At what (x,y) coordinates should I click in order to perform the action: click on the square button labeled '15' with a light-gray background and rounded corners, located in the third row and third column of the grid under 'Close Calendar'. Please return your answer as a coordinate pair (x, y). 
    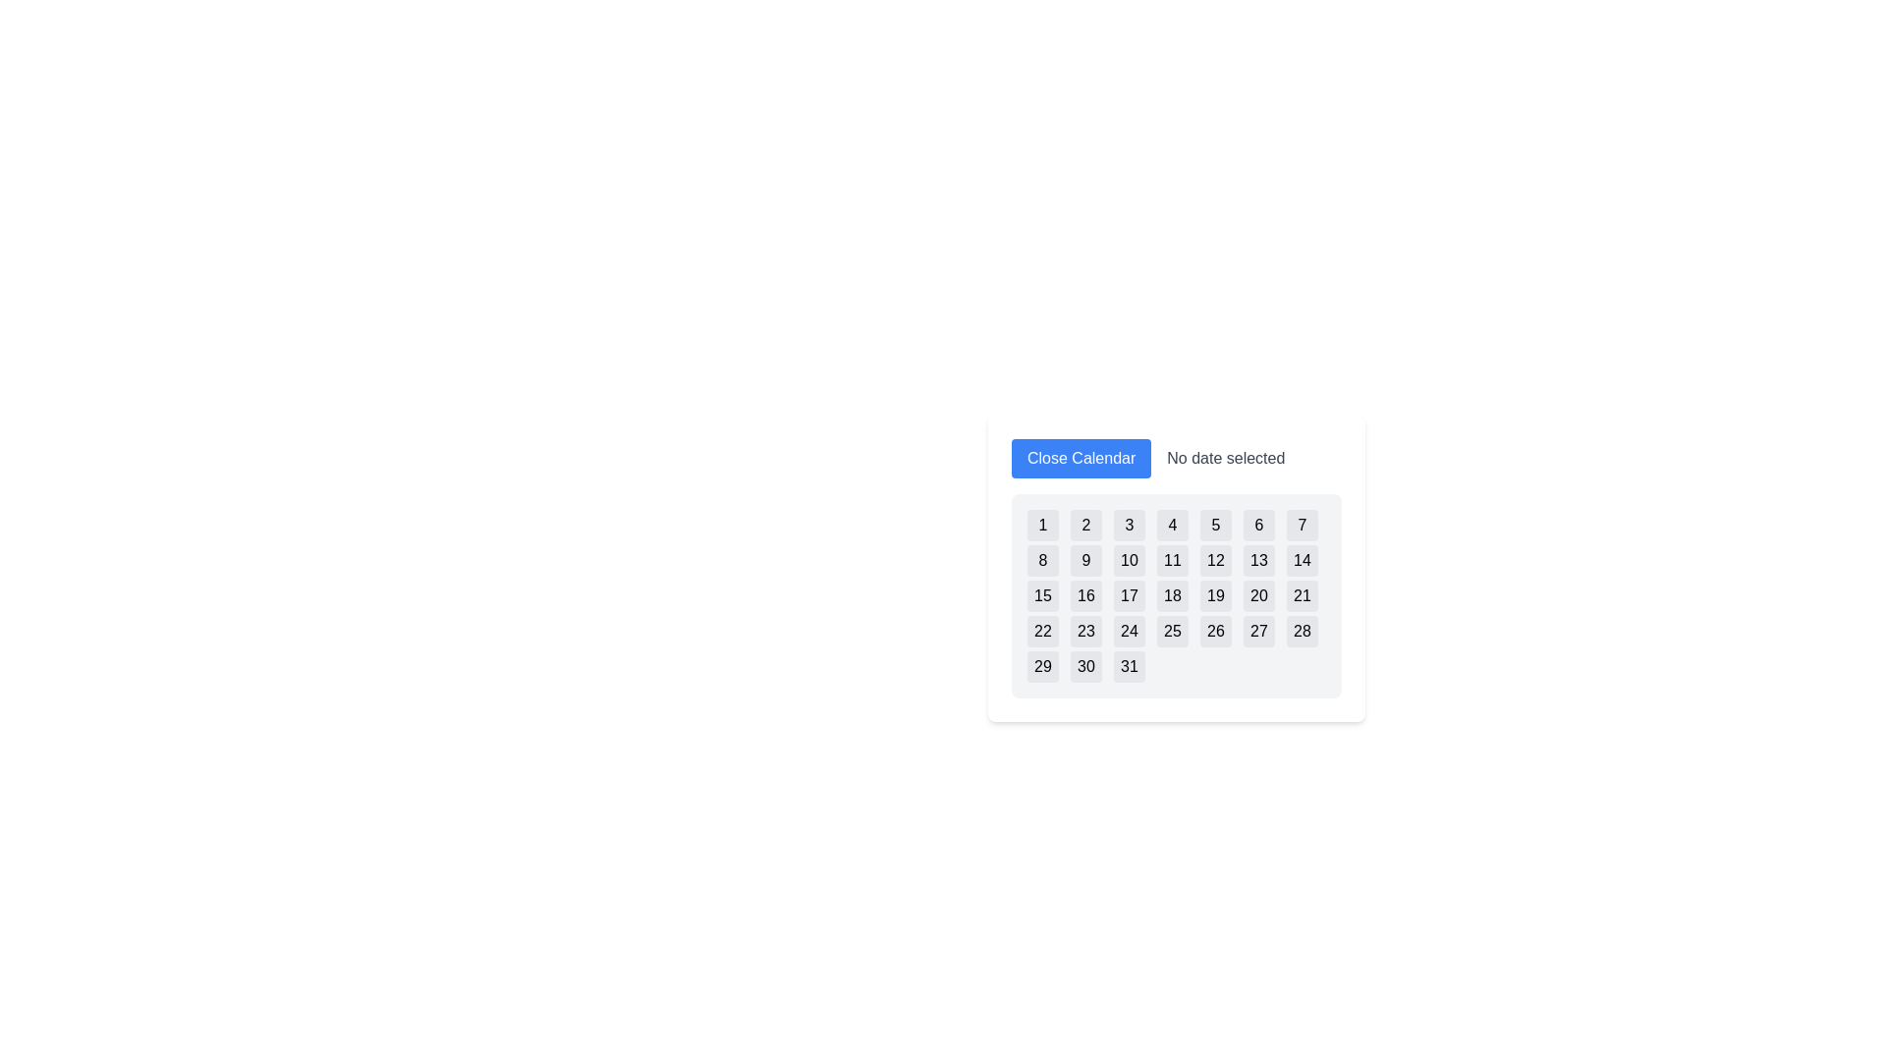
    Looking at the image, I should click on (1041, 594).